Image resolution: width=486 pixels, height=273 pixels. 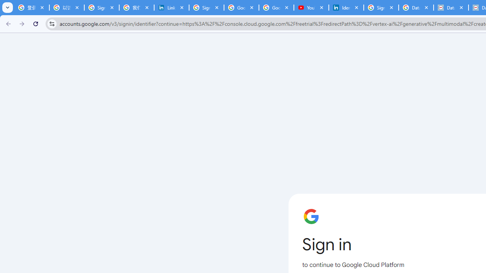 I want to click on 'Data Privacy Framework', so click(x=451, y=8).